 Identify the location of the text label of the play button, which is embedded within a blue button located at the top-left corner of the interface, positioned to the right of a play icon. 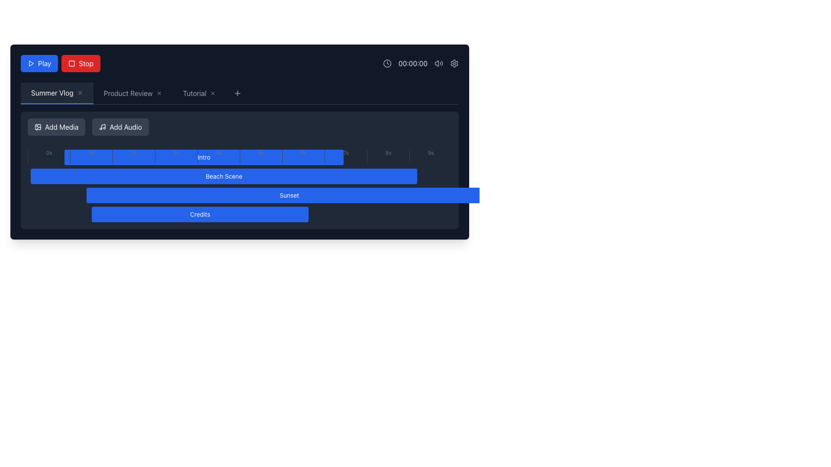
(44, 63).